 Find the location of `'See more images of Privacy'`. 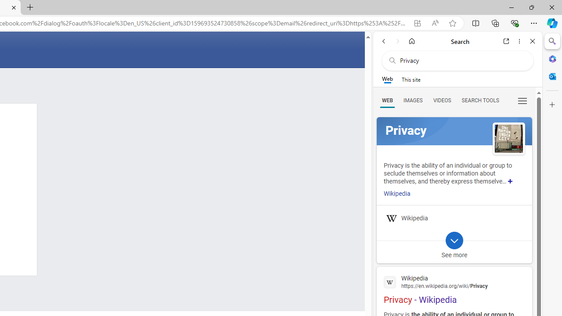

'See more images of Privacy' is located at coordinates (508, 139).